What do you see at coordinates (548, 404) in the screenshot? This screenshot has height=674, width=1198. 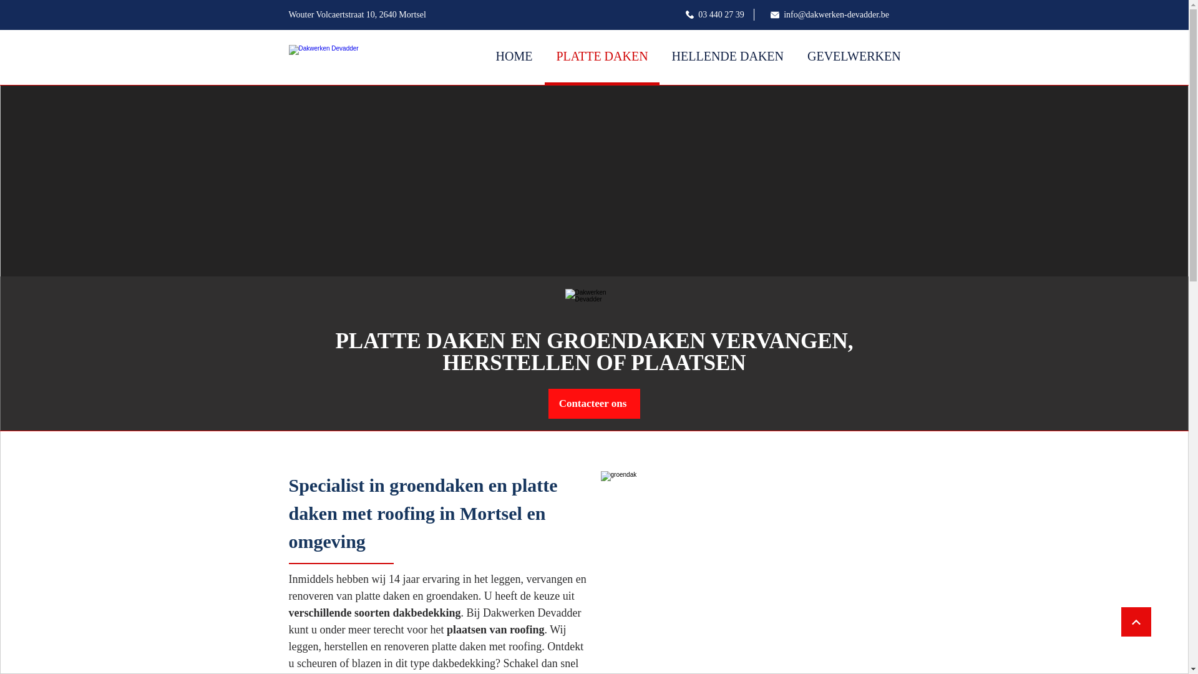 I see `'Contacteer ons'` at bounding box center [548, 404].